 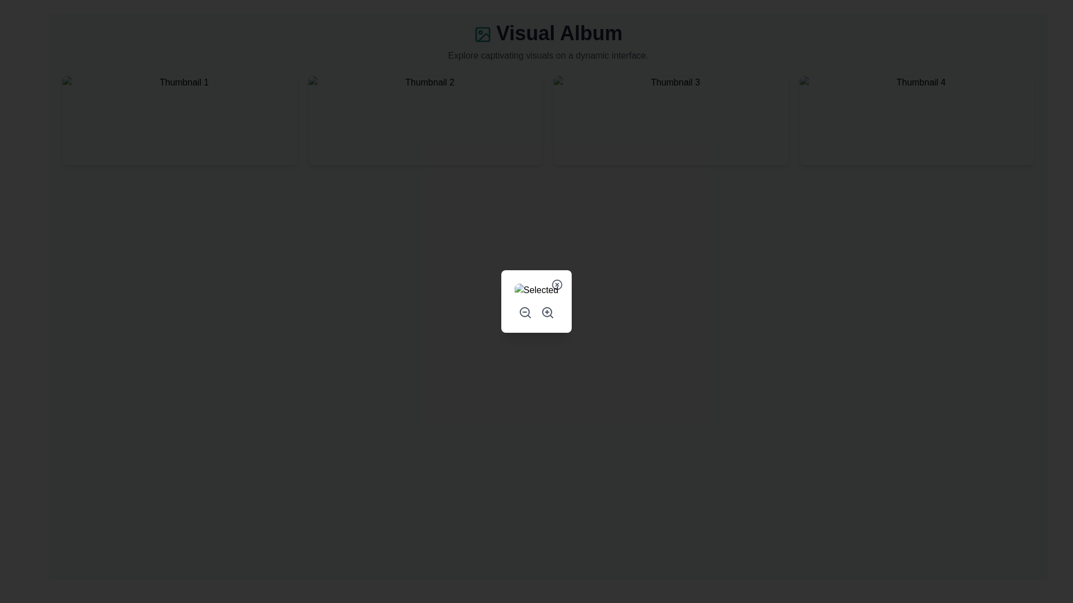 I want to click on text of the centered heading styled in large, bold typography that reads 'Visual Album' along with the subtitle 'Explore captivating visuals on a dynamic interface.', so click(x=548, y=42).